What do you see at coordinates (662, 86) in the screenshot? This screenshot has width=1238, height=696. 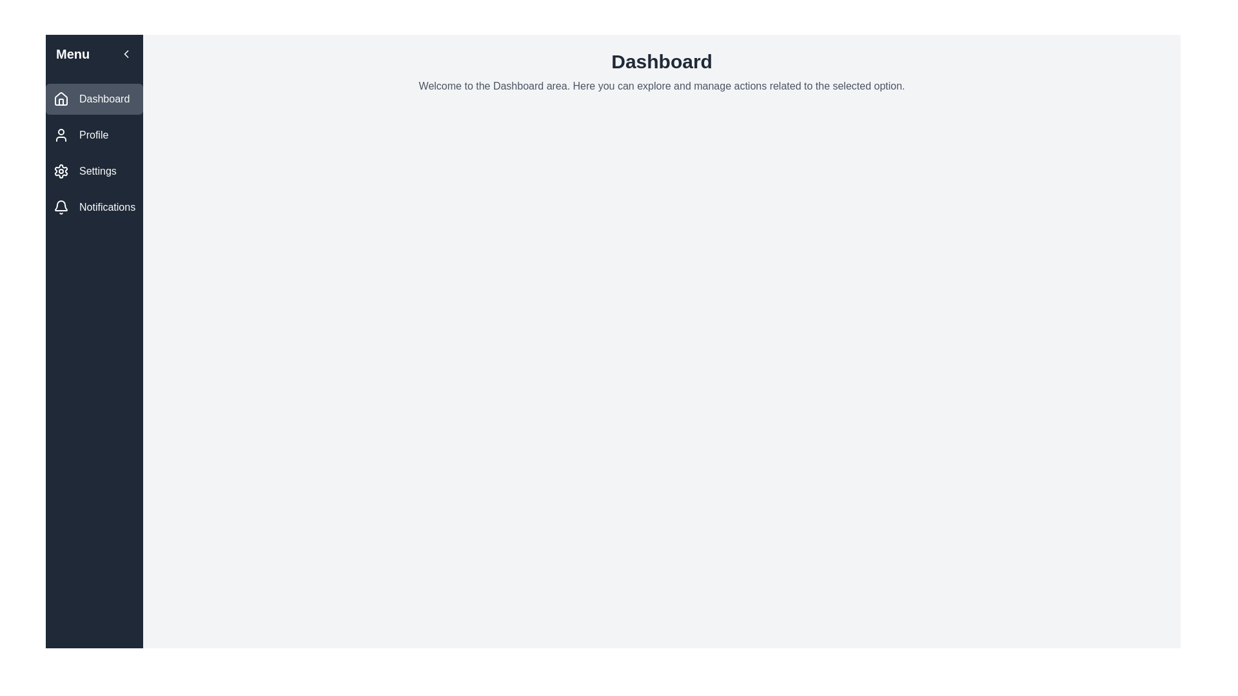 I see `the static introductory text located below the 'Dashboard' title on the dashboard page` at bounding box center [662, 86].